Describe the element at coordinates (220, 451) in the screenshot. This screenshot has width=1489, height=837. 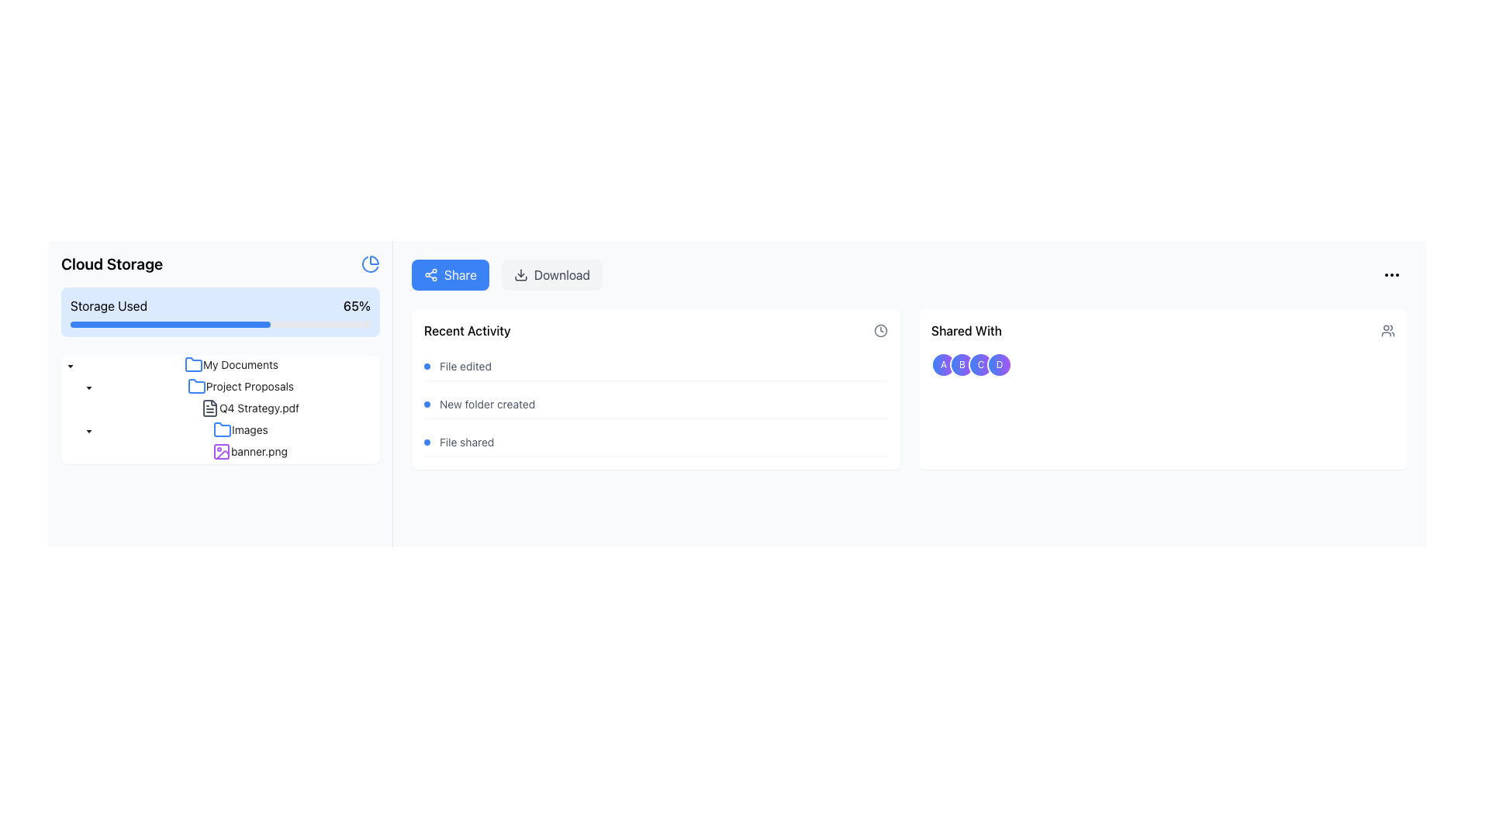
I see `the image file indicator for 'banner.png' located in the 'Cloud Storage' section under the 'Images' folder` at that location.